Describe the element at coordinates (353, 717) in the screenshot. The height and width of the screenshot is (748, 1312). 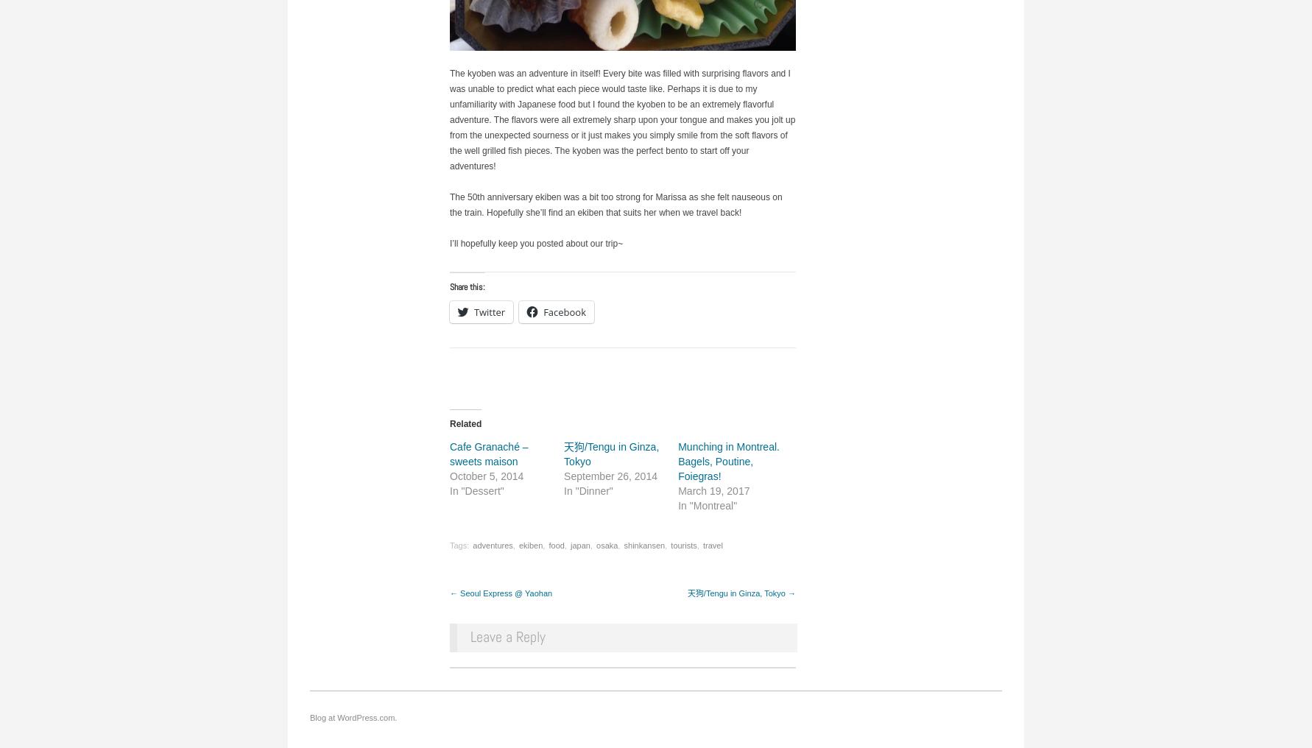
I see `'Blog at WordPress.com.'` at that location.